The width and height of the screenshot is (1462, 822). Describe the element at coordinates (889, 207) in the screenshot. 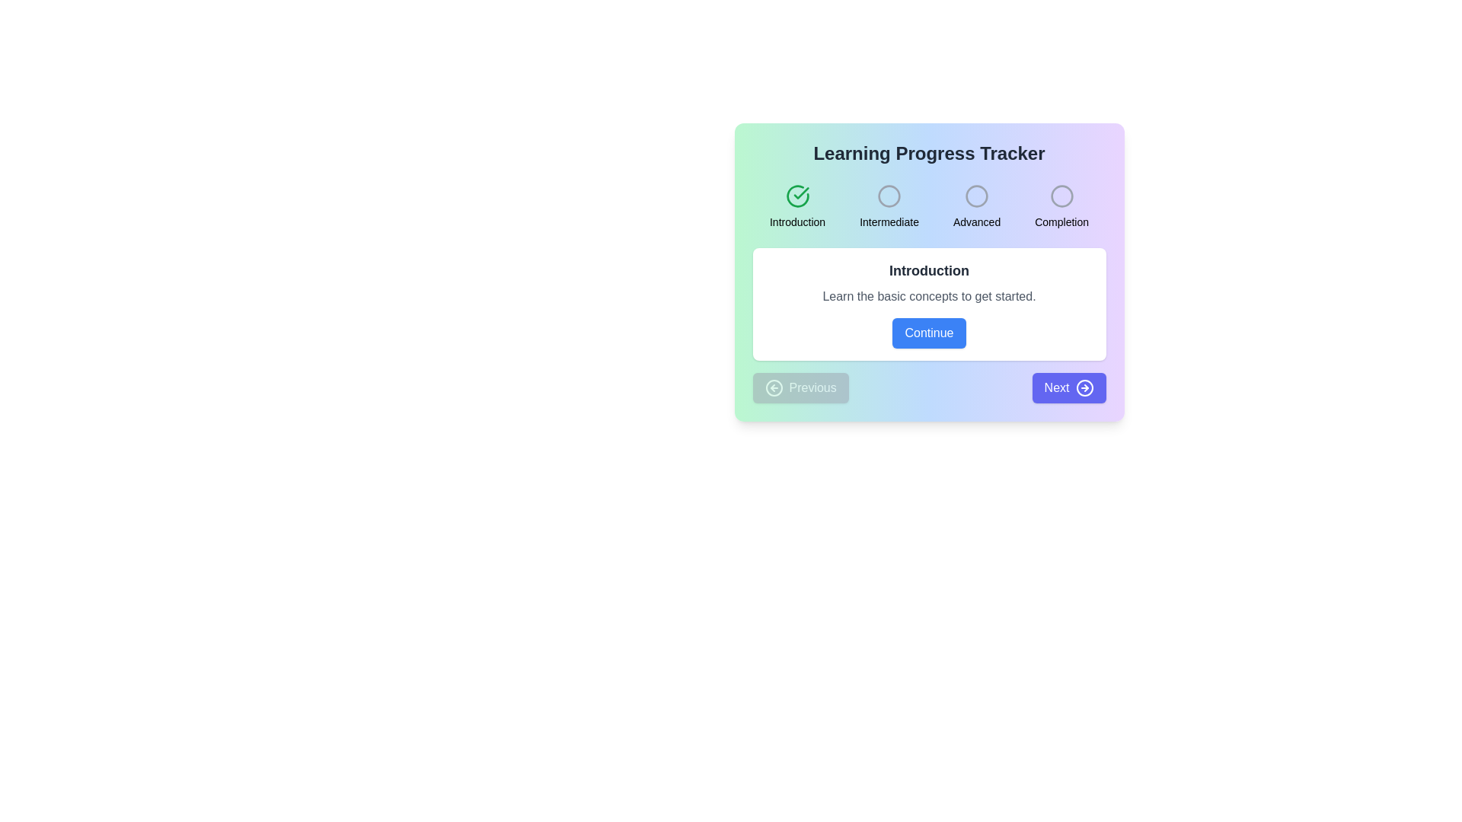

I see `the 'Intermediate' step indicator label with circular outline in the Learning Progress Tracker section` at that location.